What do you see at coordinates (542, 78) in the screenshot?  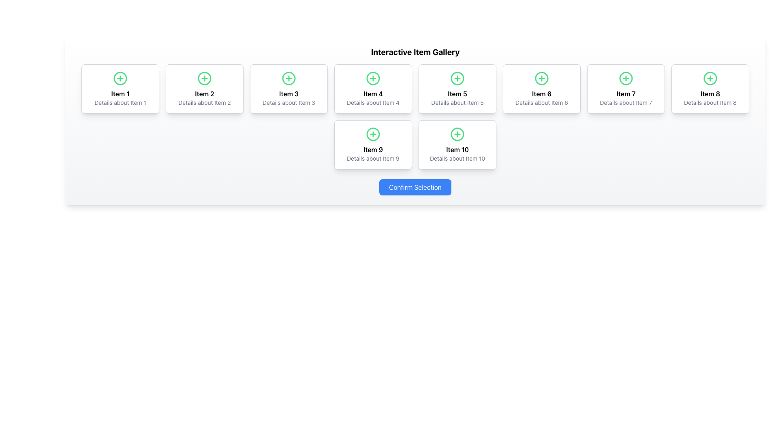 I see `the icon button located at the top-center of the 'Item 6' card` at bounding box center [542, 78].